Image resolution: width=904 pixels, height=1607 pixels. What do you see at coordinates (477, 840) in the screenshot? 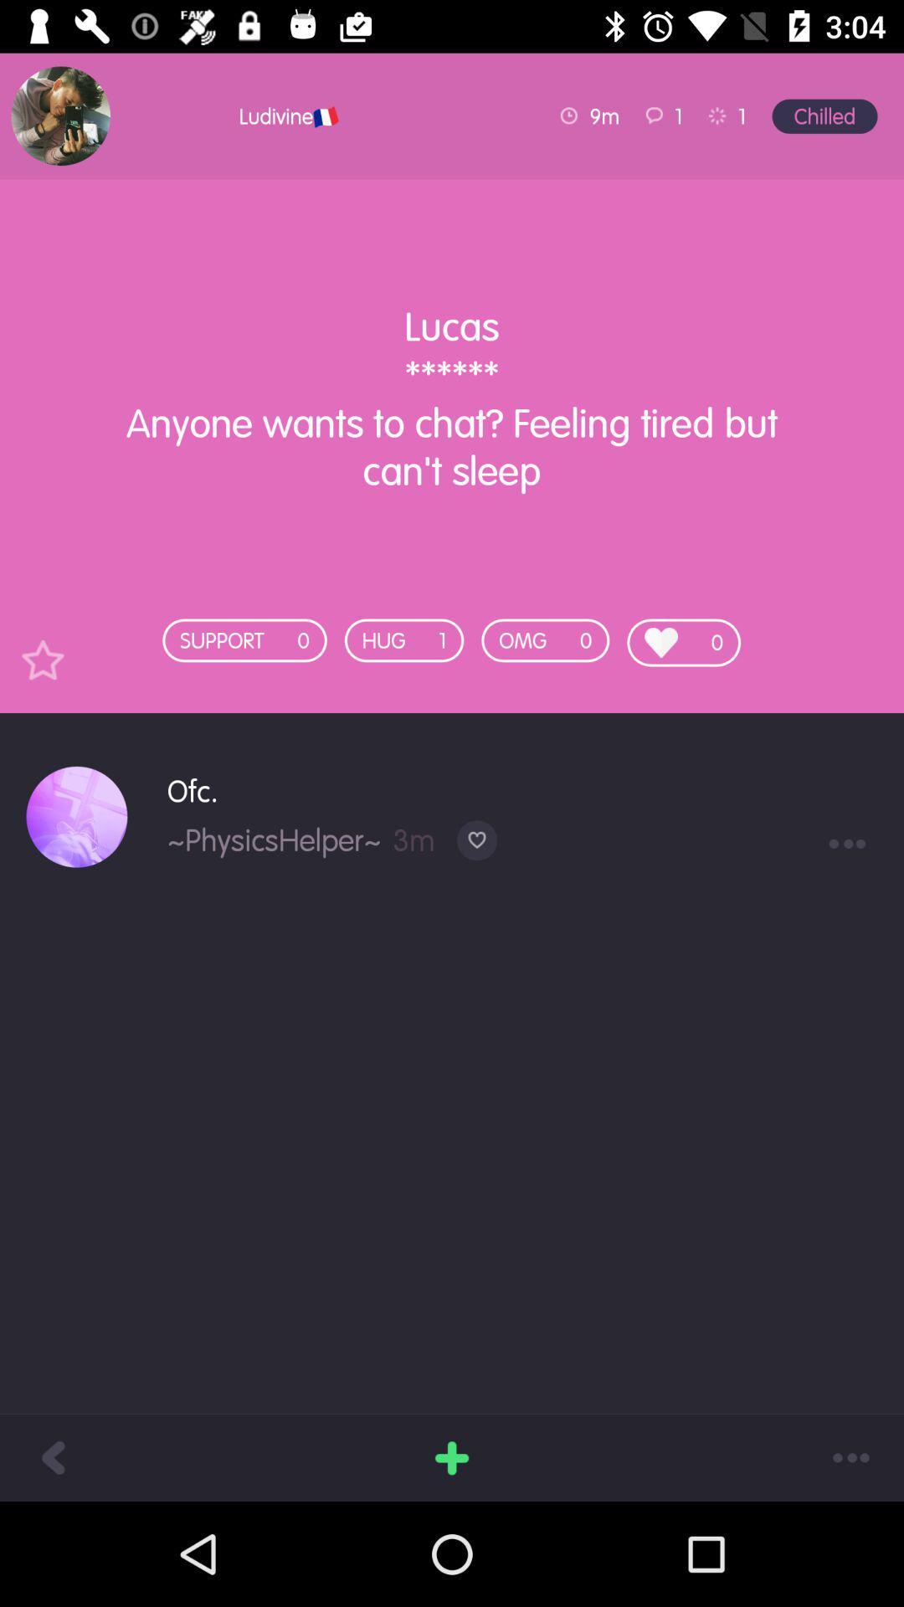
I see `the item below the ofc. item` at bounding box center [477, 840].